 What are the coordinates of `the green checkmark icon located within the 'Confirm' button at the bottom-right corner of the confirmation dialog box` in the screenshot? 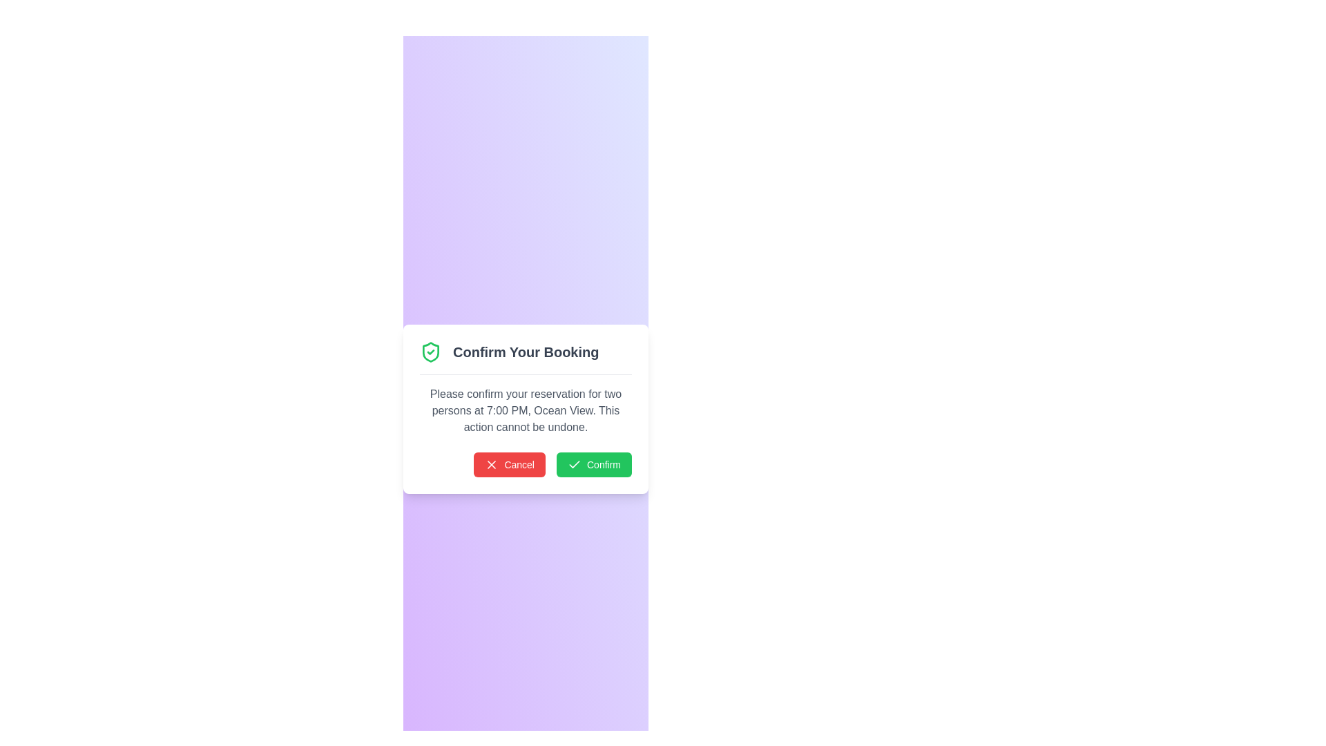 It's located at (574, 464).